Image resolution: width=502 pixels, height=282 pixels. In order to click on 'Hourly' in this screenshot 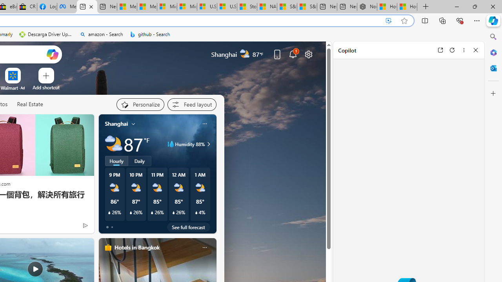, I will do `click(116, 161)`.